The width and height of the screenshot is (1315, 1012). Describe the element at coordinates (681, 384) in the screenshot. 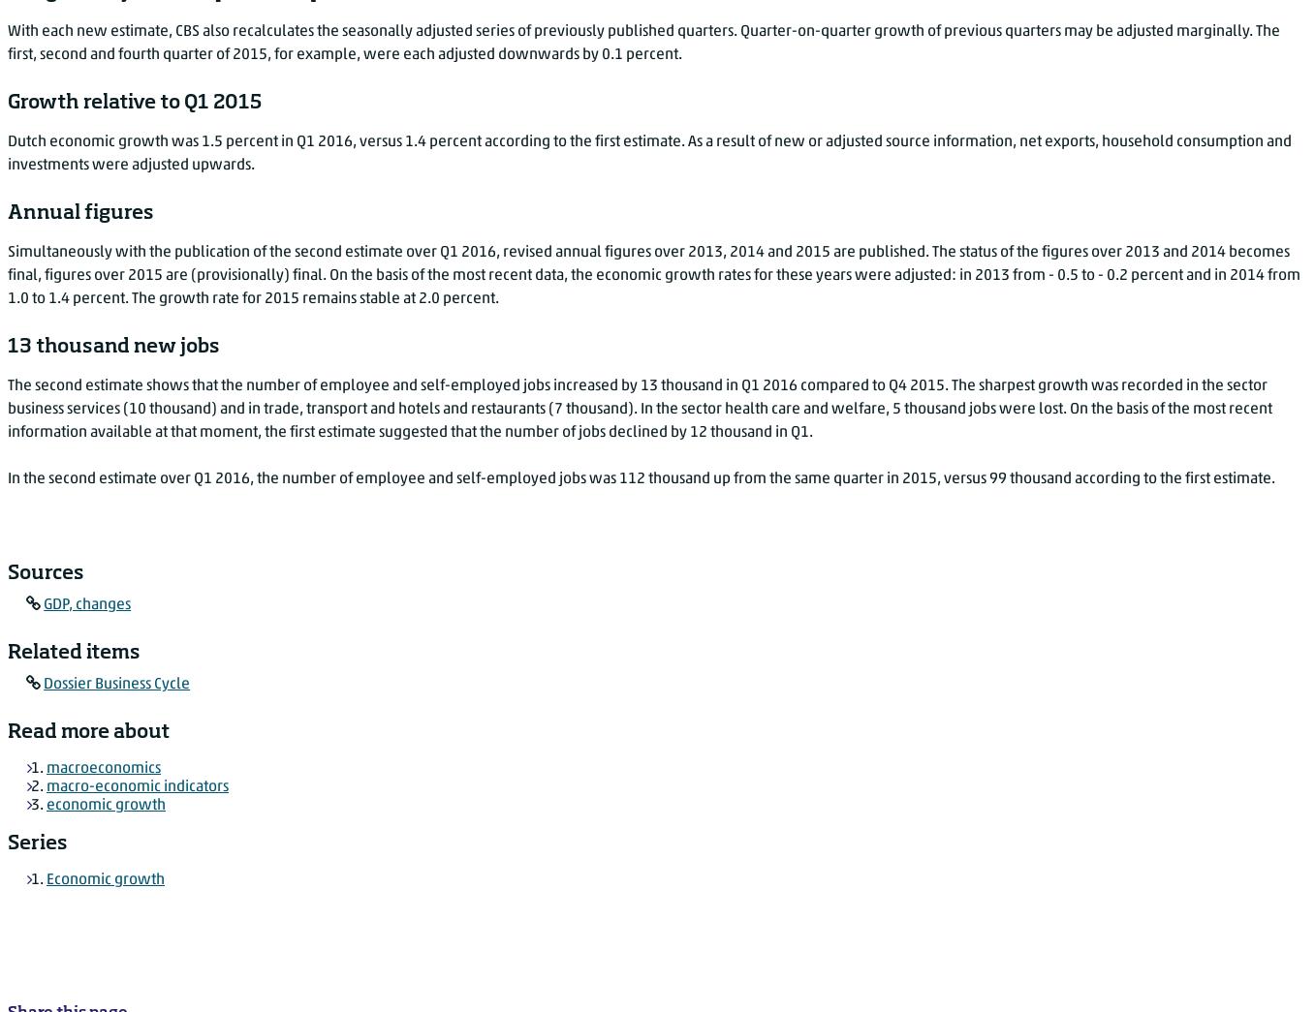

I see `'13 thousand'` at that location.